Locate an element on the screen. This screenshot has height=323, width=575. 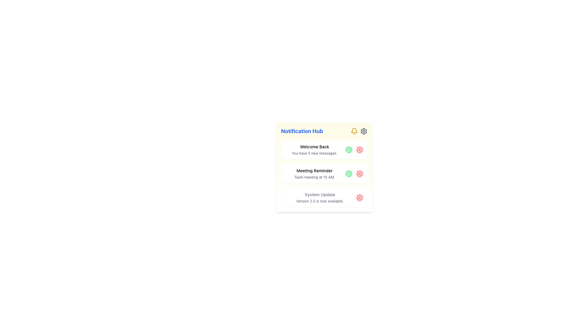
the text label that reads 'You have 5 new messages.' which is styled in gray color and located beneath the bold text 'Welcome Back' within a highlighted notification card is located at coordinates (314, 153).